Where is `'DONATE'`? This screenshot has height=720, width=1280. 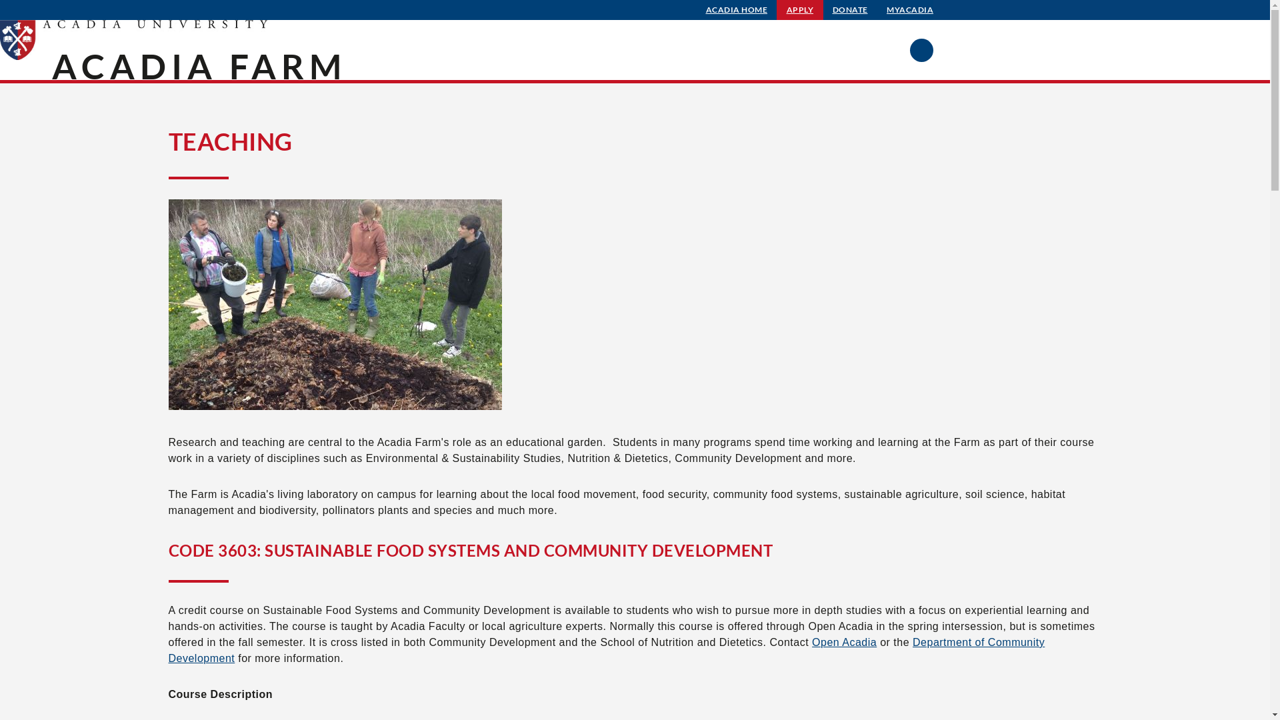 'DONATE' is located at coordinates (849, 10).